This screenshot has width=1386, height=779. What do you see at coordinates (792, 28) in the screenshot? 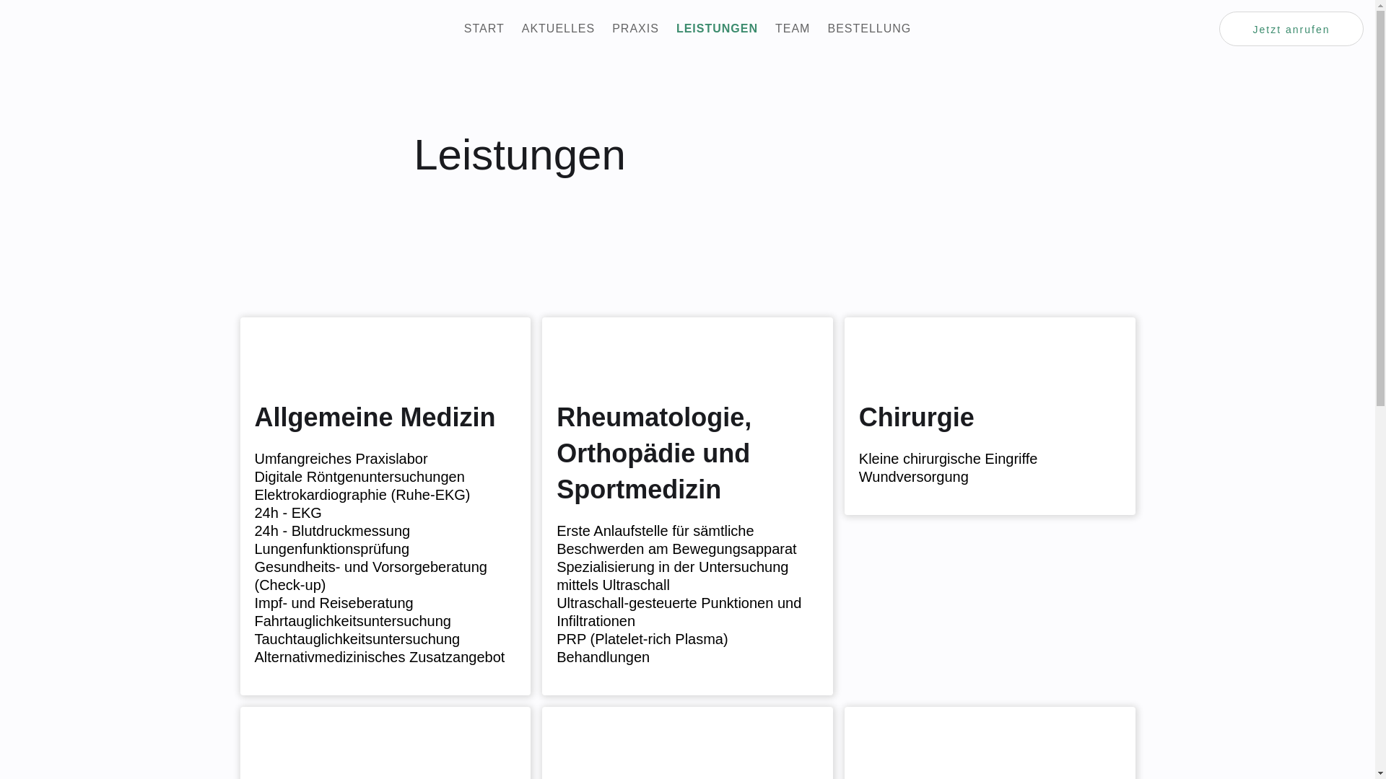
I see `'TEAM'` at bounding box center [792, 28].